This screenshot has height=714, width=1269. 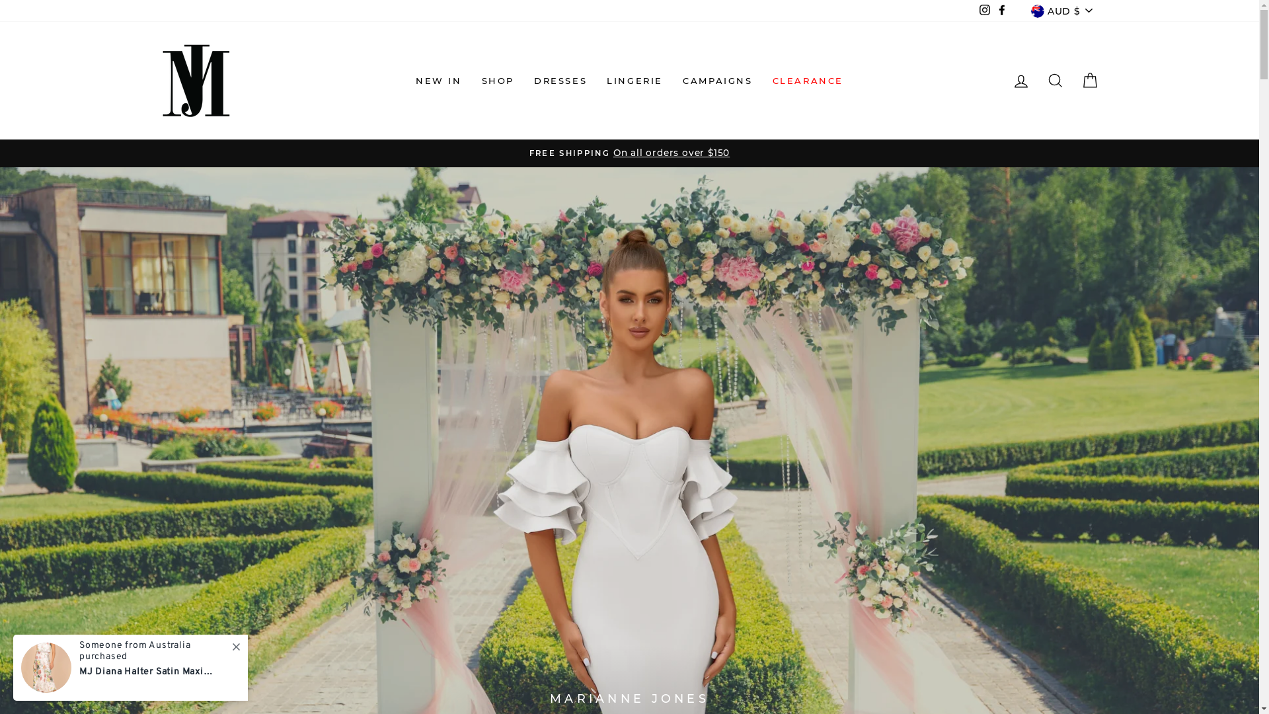 I want to click on 'CLEARANCE', so click(x=807, y=81).